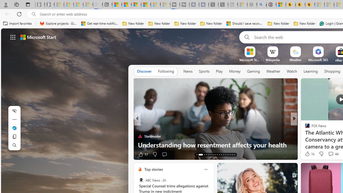 This screenshot has height=193, width=343. Describe the element at coordinates (312, 136) in the screenshot. I see `'Nordace.com'` at that location.